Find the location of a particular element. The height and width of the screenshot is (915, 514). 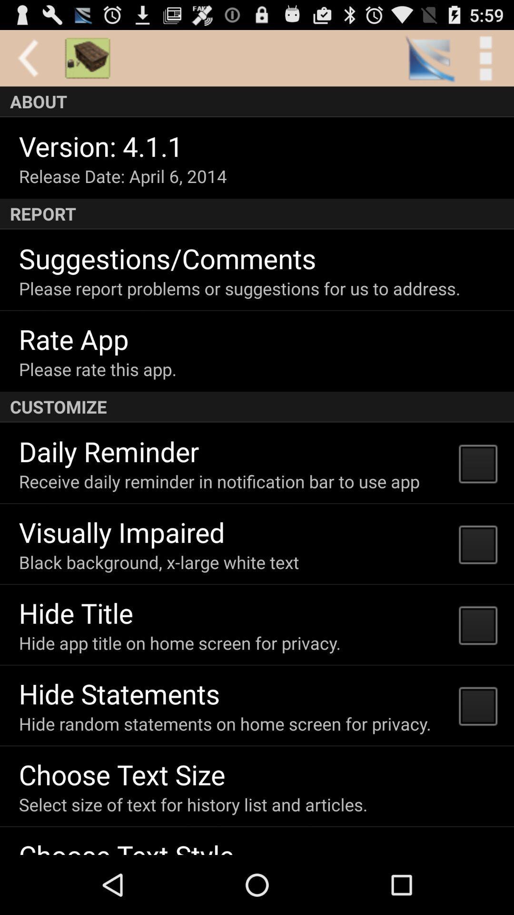

item below the about app is located at coordinates (101, 145).